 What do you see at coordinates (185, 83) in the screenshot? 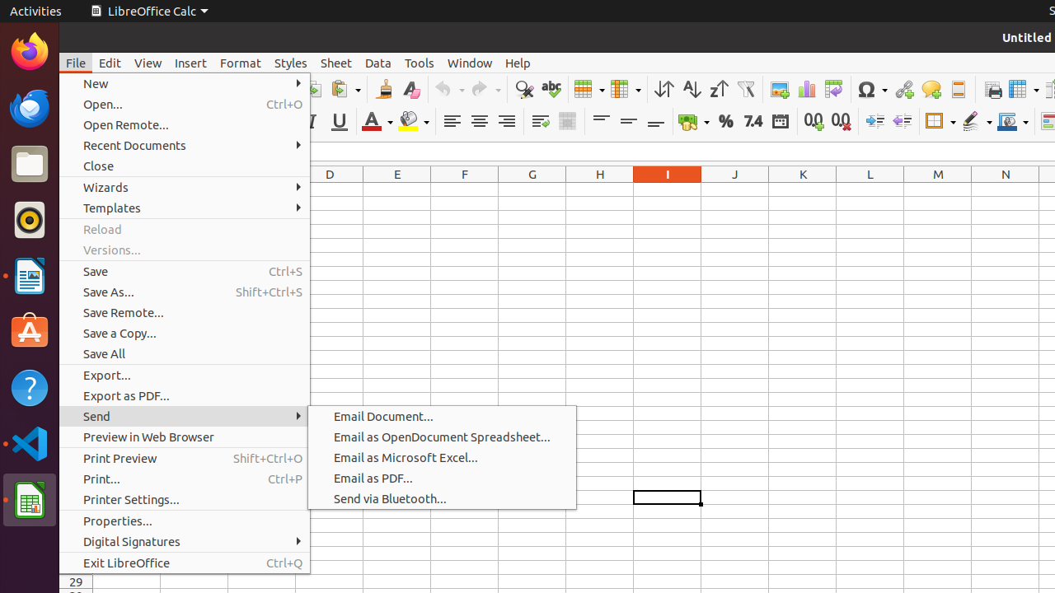
I see `'New'` at bounding box center [185, 83].